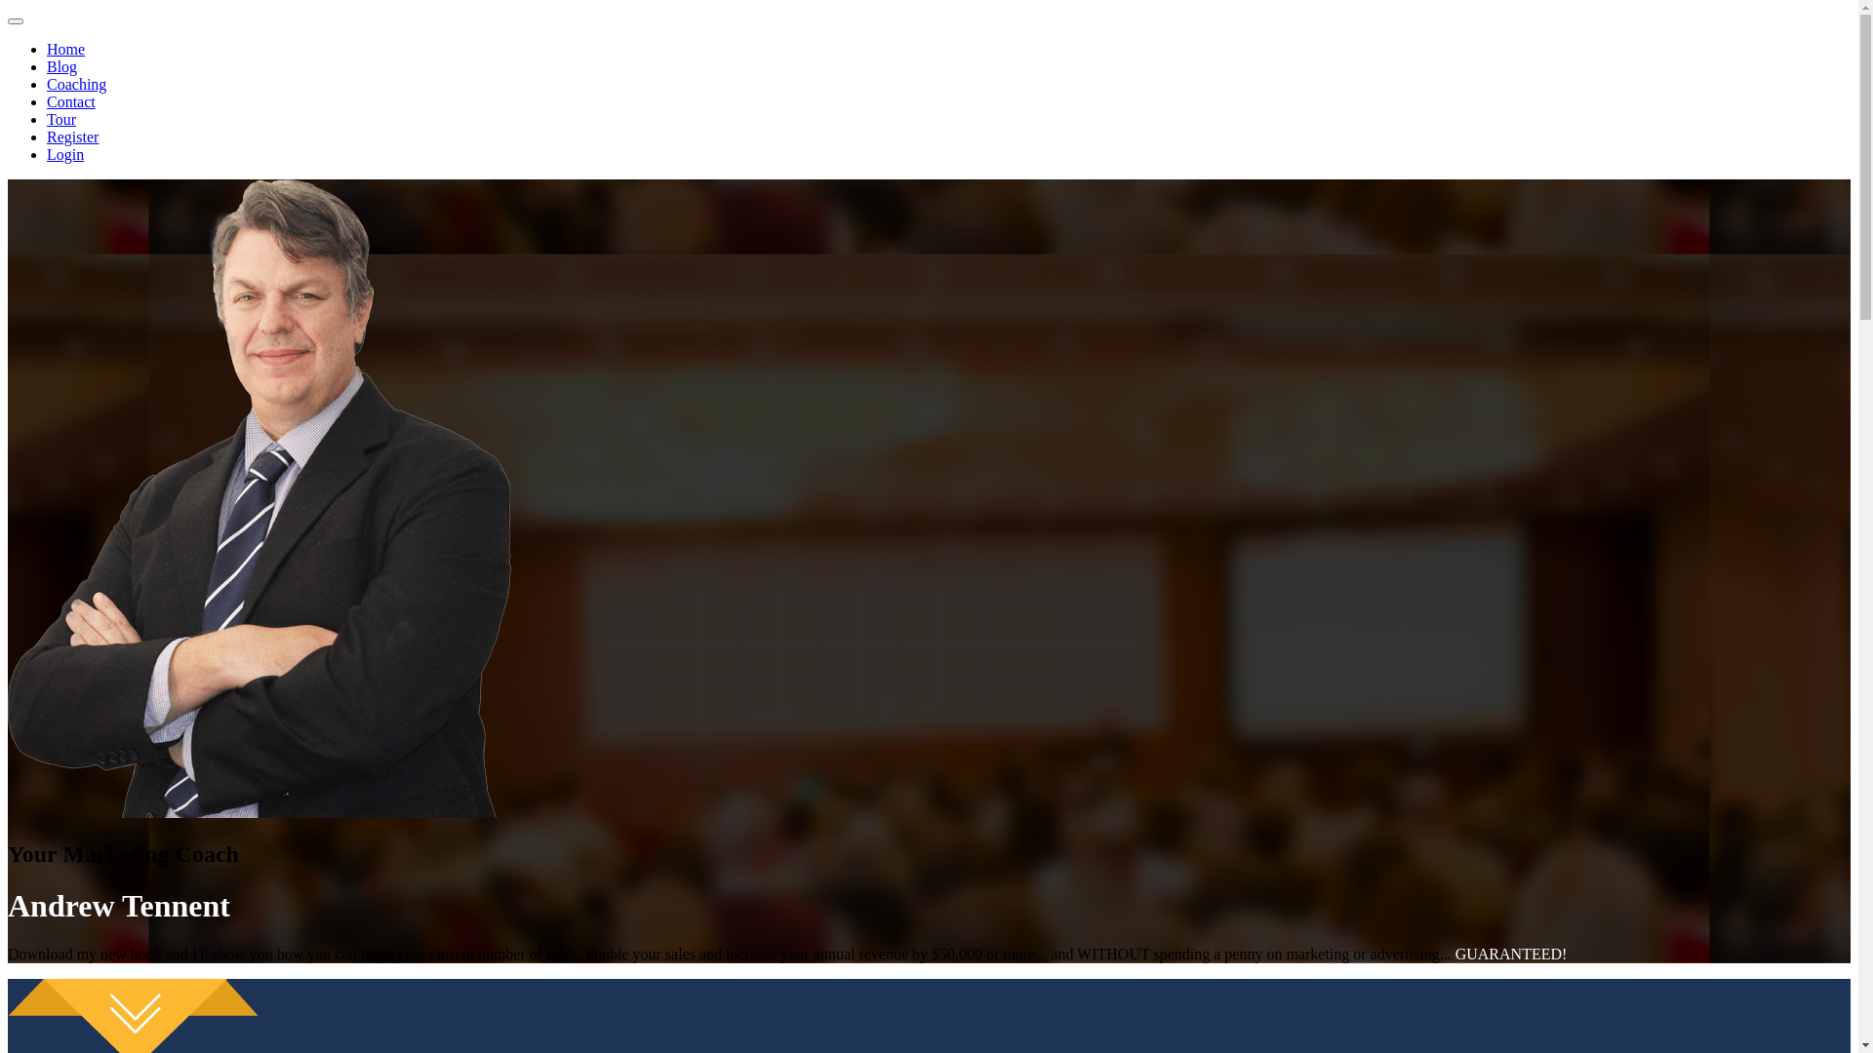  What do you see at coordinates (65, 48) in the screenshot?
I see `'Home'` at bounding box center [65, 48].